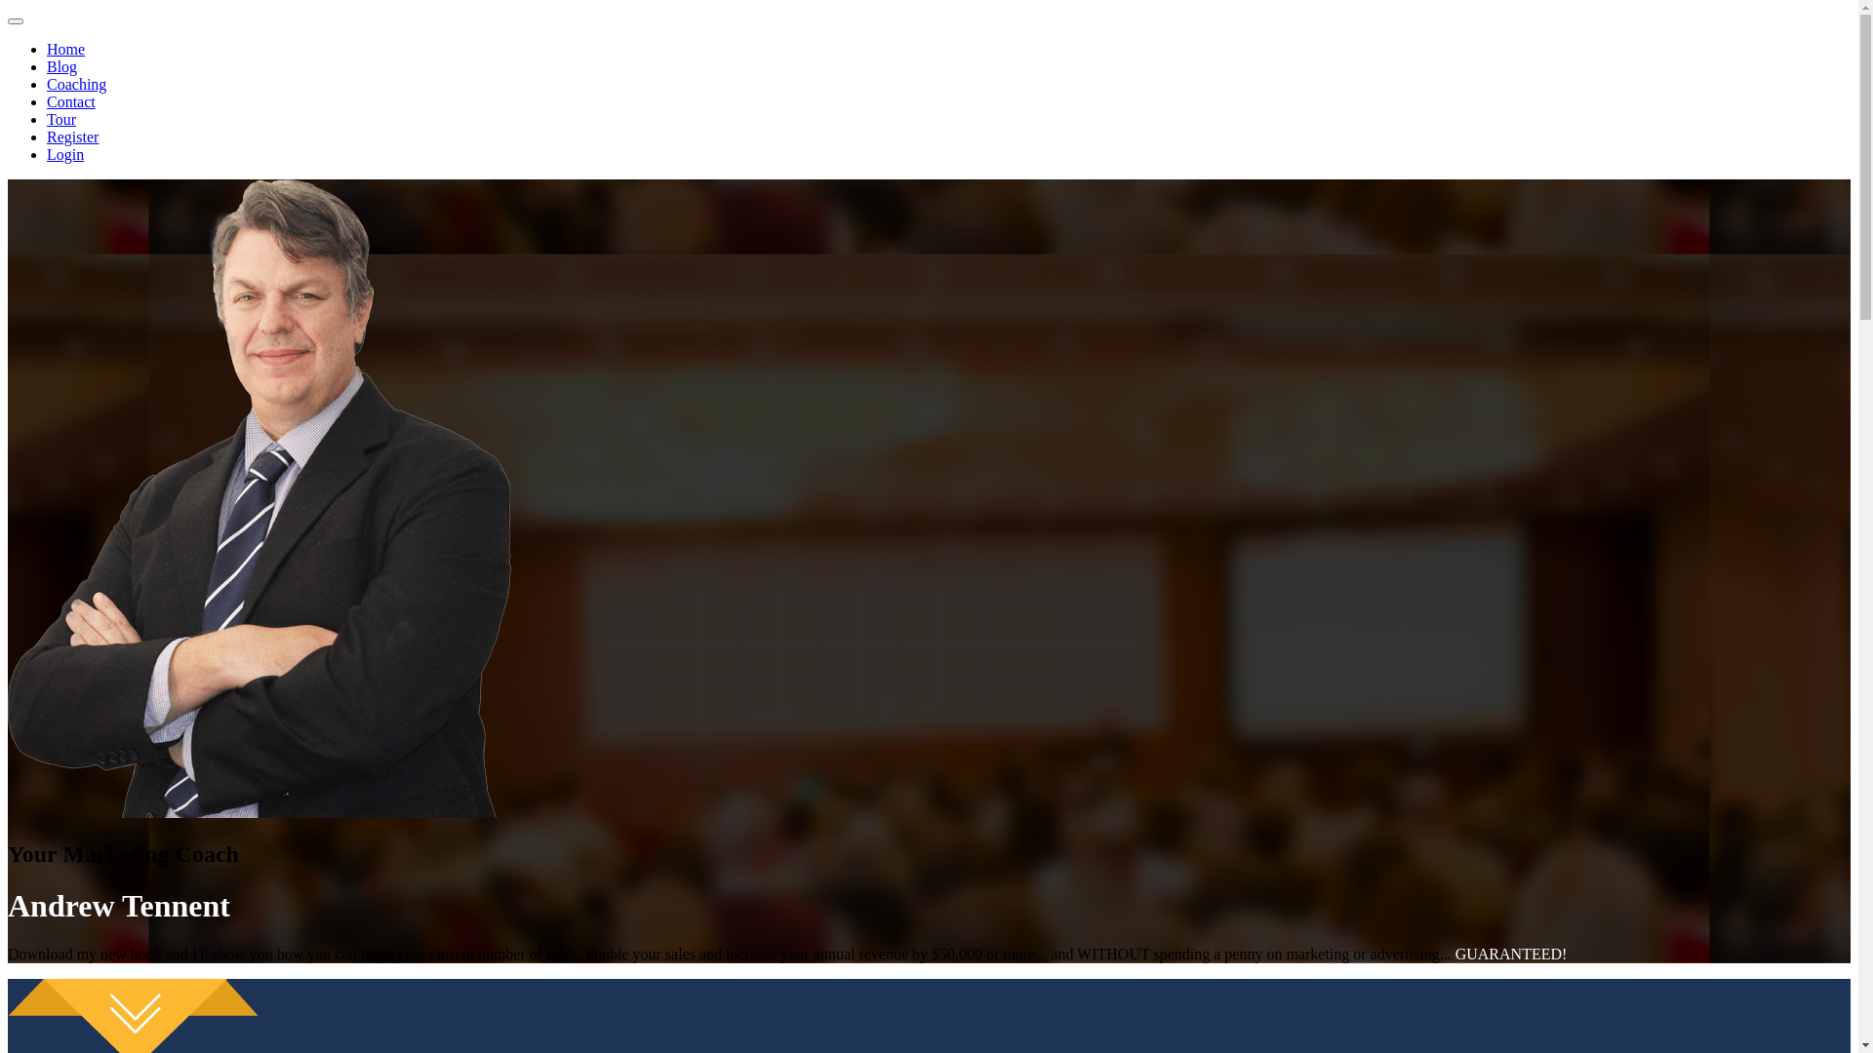  What do you see at coordinates (65, 48) in the screenshot?
I see `'Home'` at bounding box center [65, 48].